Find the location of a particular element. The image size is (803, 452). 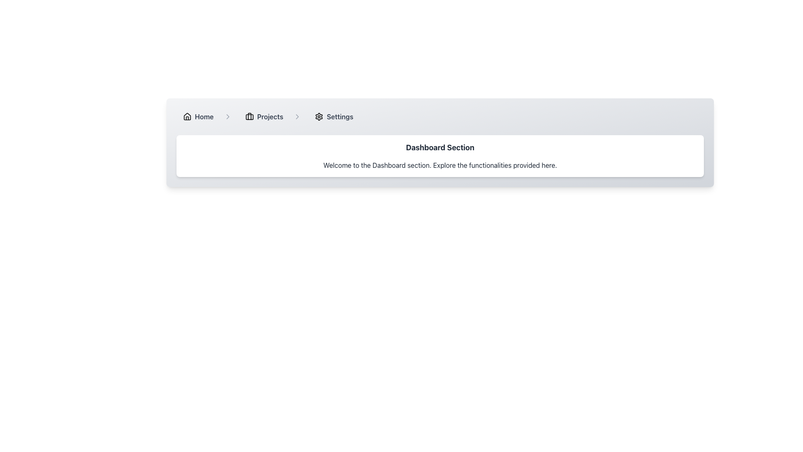

the 'Home' Breadcrumb link, which is the first item in the breadcrumb navigation bar at the top-left section of the interface is located at coordinates (204, 116).